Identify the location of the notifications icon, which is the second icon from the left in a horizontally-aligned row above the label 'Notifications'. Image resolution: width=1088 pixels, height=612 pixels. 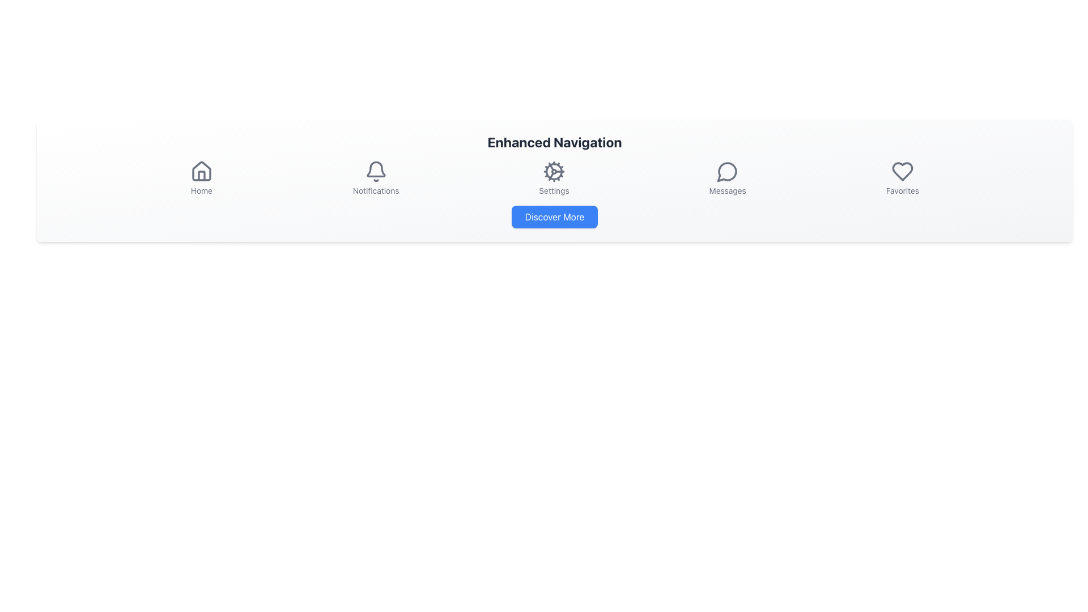
(376, 169).